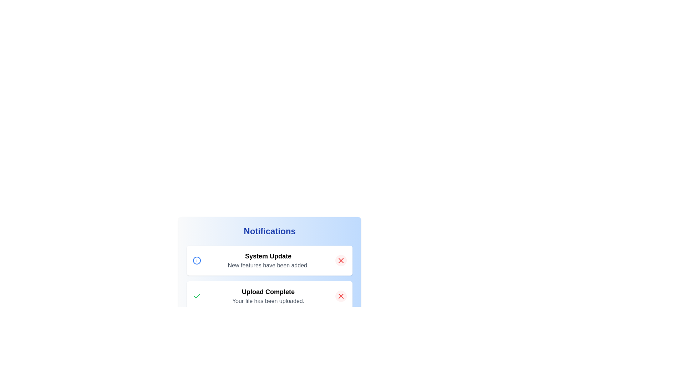 This screenshot has height=385, width=685. I want to click on the text label that reads 'New features have been added.' located in the notifications section beneath the 'System Update' heading, so click(268, 265).